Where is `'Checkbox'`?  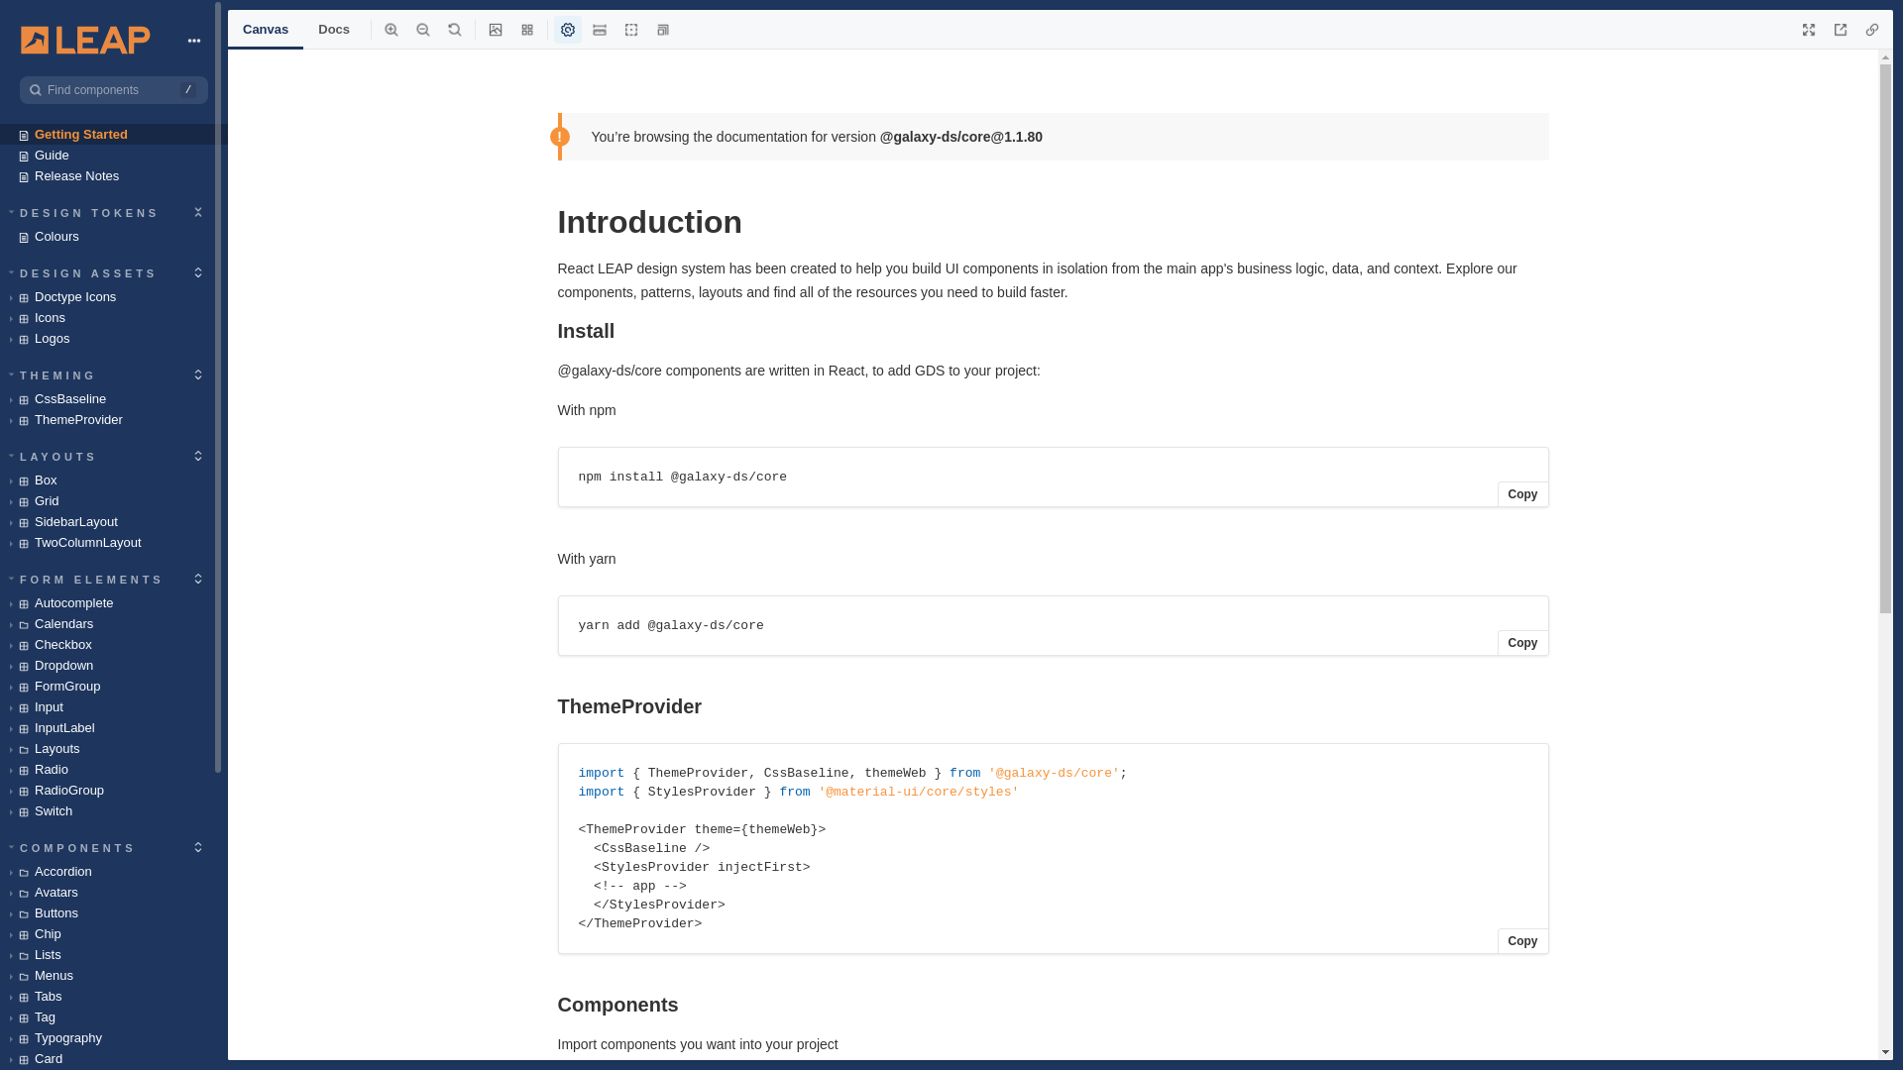 'Checkbox' is located at coordinates (0, 644).